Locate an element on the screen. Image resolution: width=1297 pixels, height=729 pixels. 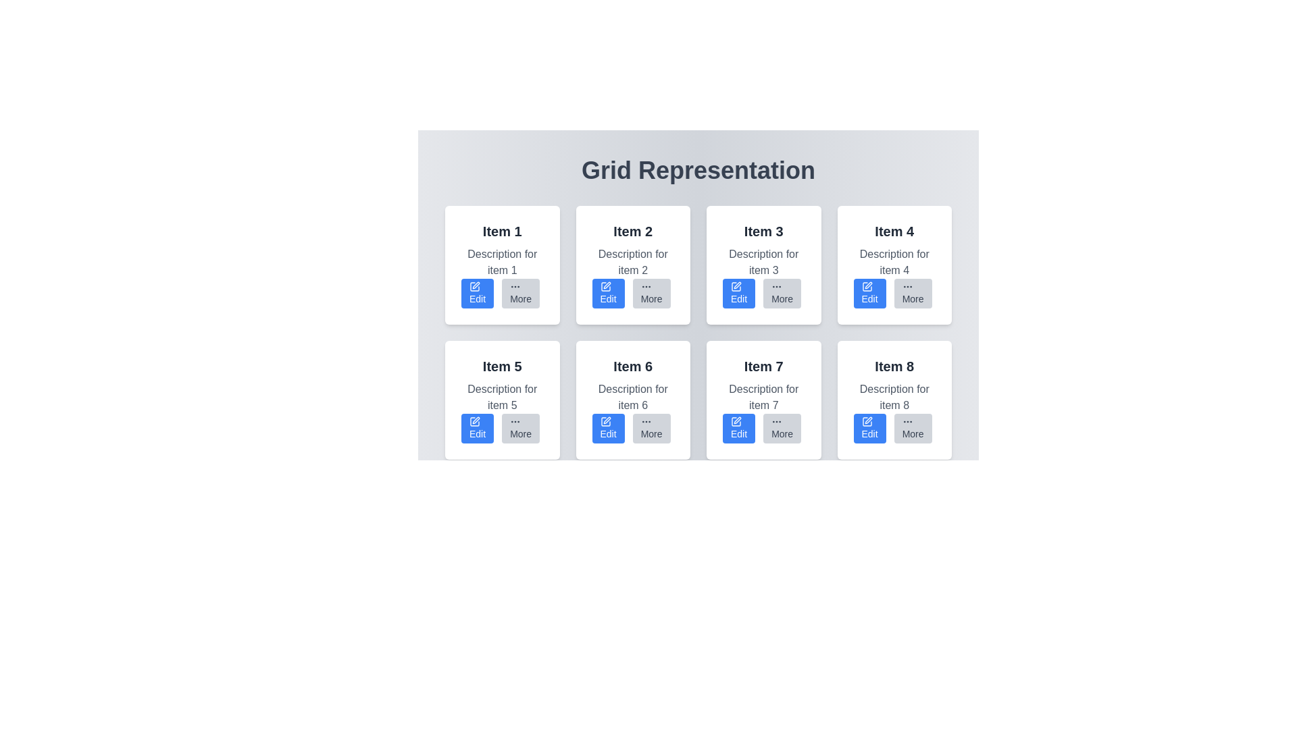
the 'More' button, which is a small rectangular button with rounded corners and three horizontally aligned dots above the gray labeled text, located below the description for 'Item 7' in the grid layout is located at coordinates (782, 429).